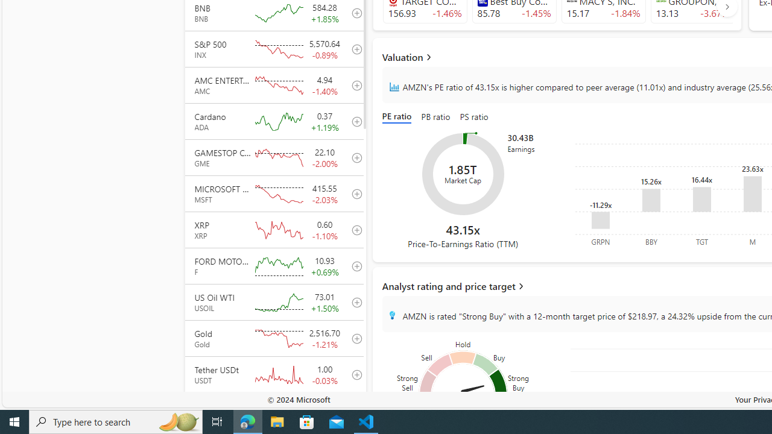 The image size is (772, 434). What do you see at coordinates (435, 118) in the screenshot?
I see `'PB ratio'` at bounding box center [435, 118].